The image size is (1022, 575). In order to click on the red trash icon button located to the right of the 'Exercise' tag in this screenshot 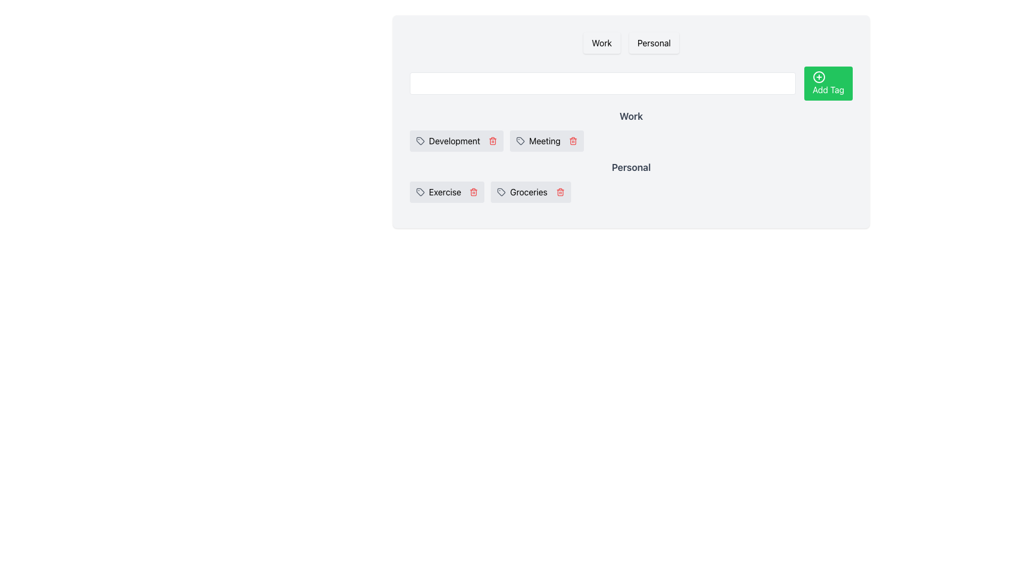, I will do `click(473, 192)`.